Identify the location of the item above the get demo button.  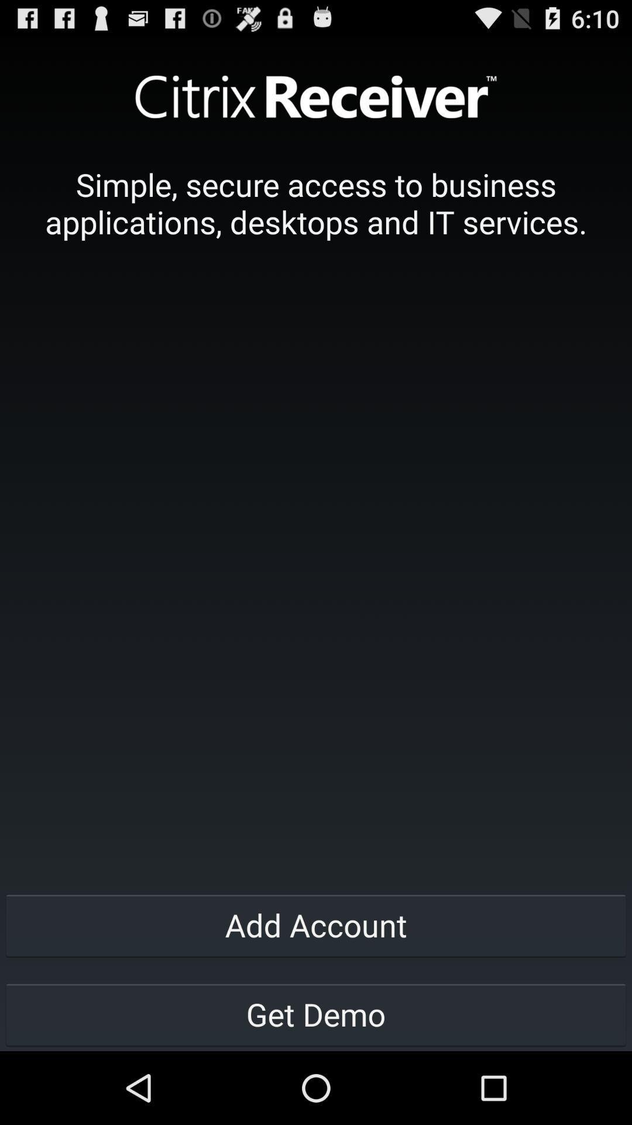
(316, 924).